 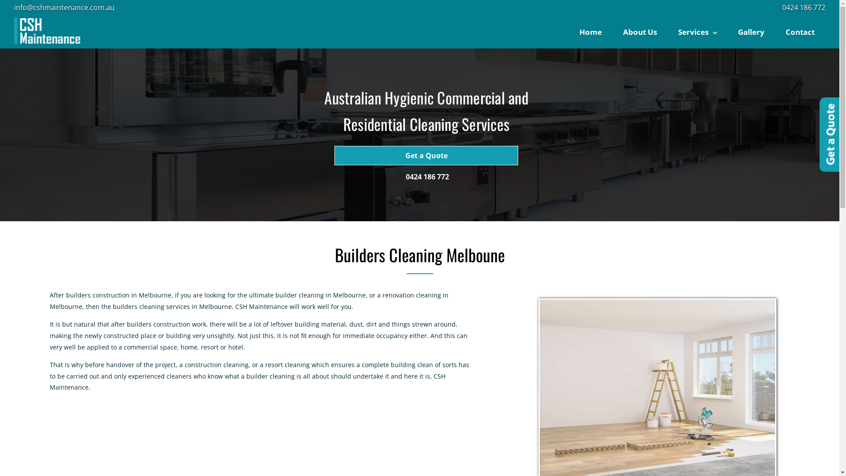 I want to click on '0424 186 772', so click(x=804, y=7).